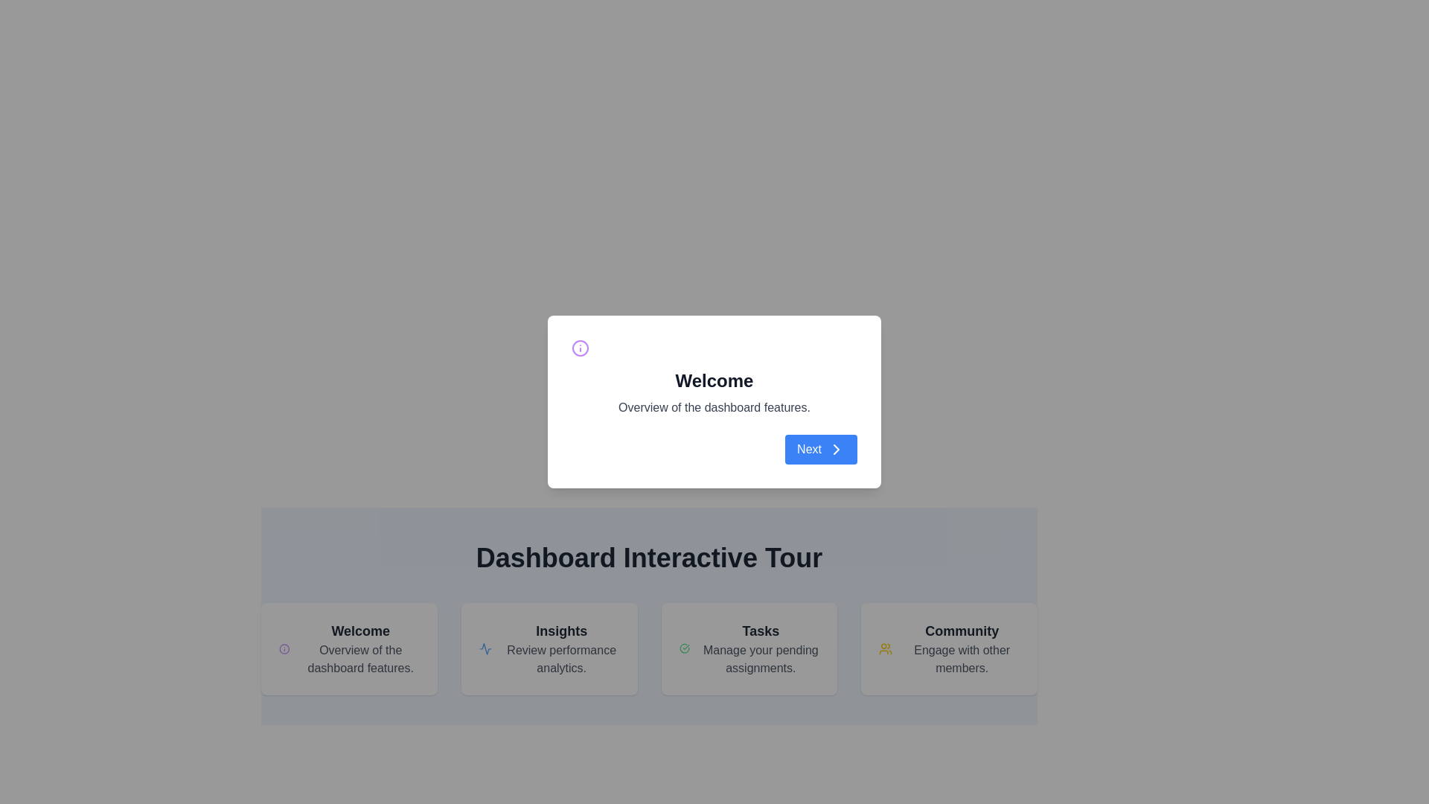 The image size is (1429, 804). I want to click on the forward action icon located inside the 'Next' button, which is positioned towards the bottom-right region of the dialog box, so click(836, 449).